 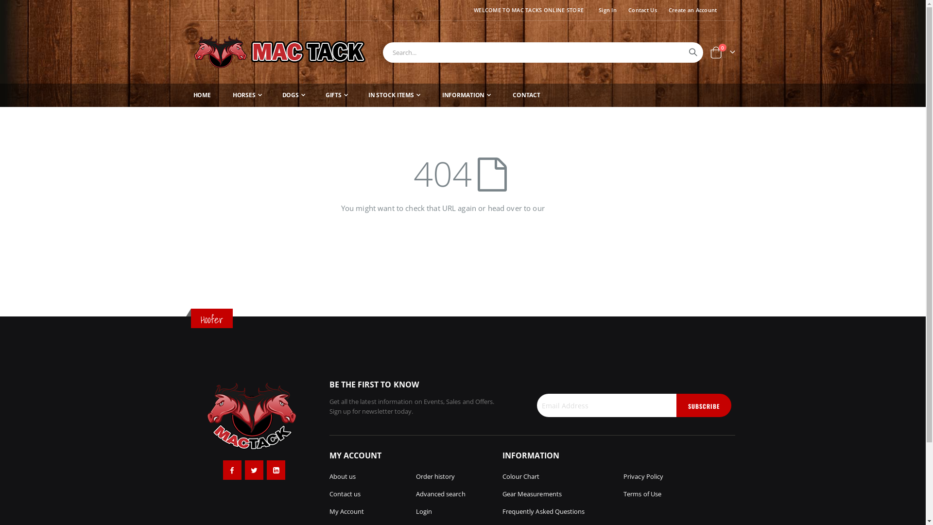 What do you see at coordinates (640, 10) in the screenshot?
I see `'Contact Us'` at bounding box center [640, 10].